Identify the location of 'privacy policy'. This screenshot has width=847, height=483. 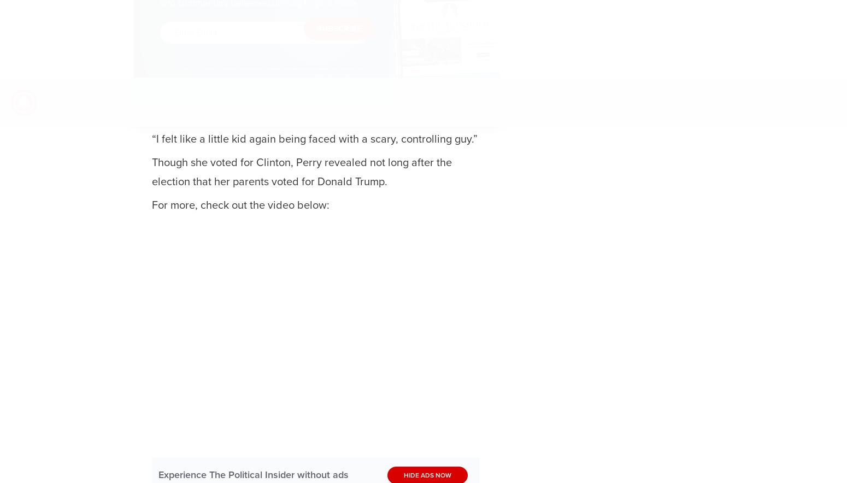
(201, 75).